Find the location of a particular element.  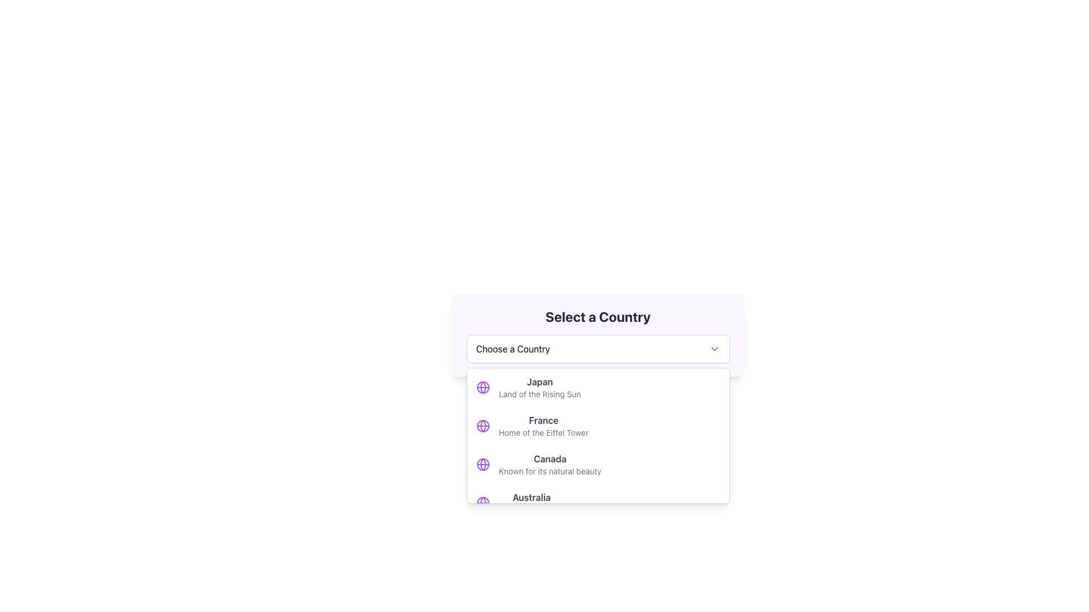

the fourth selectable list item in the country options dropdown, which is styled with a globe icon and labeled 'Australia' is located at coordinates (597, 502).